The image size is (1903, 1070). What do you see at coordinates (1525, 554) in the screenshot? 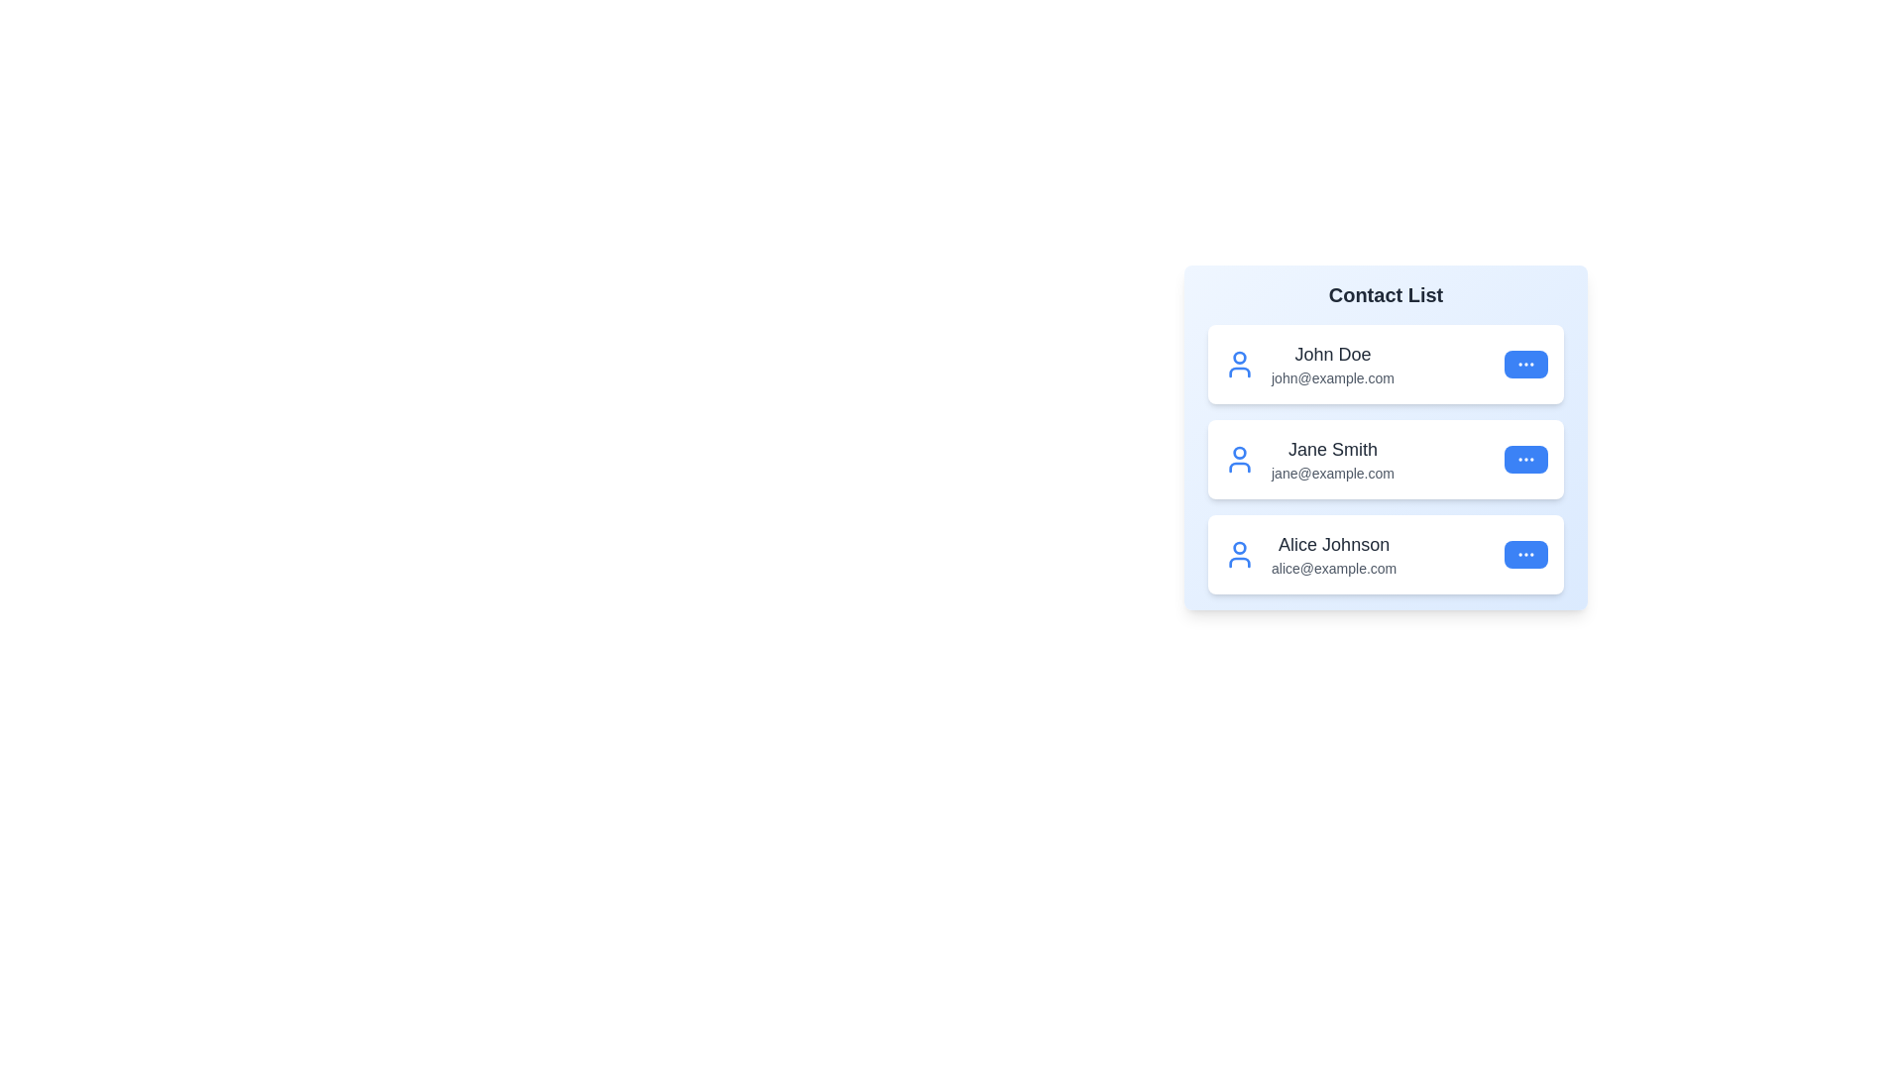
I see `'More' button for the contact Alice Johnson` at bounding box center [1525, 554].